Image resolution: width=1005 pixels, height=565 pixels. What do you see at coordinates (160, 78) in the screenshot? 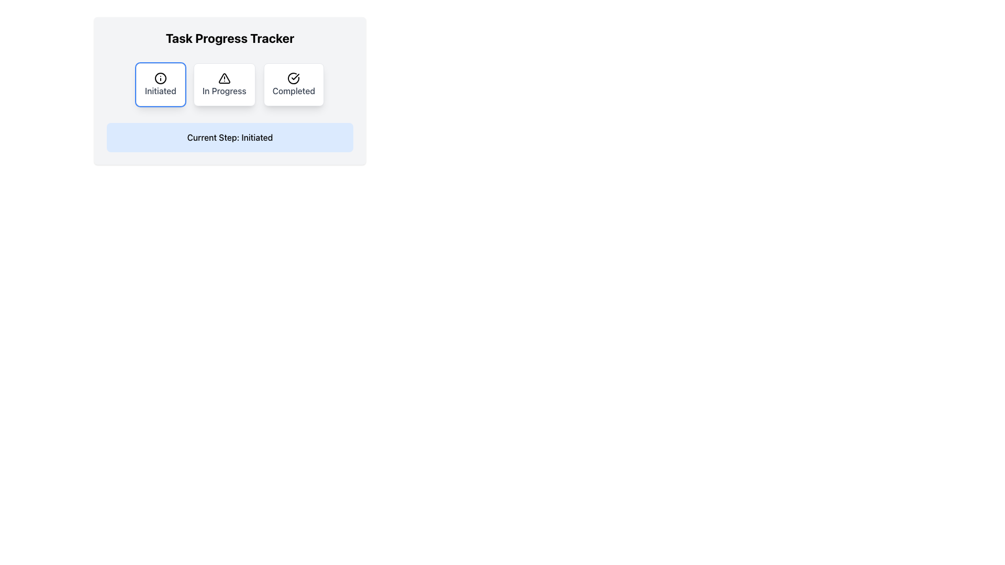
I see `the Circular SVG graphic element representing the 'Initiated' state in the task tracker` at bounding box center [160, 78].